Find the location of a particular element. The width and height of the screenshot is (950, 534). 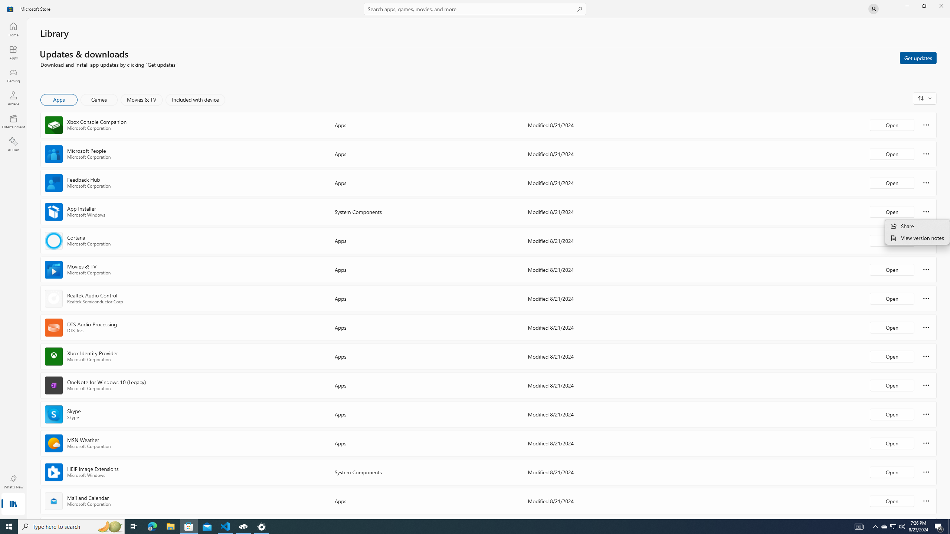

'Get updates' is located at coordinates (918, 57).